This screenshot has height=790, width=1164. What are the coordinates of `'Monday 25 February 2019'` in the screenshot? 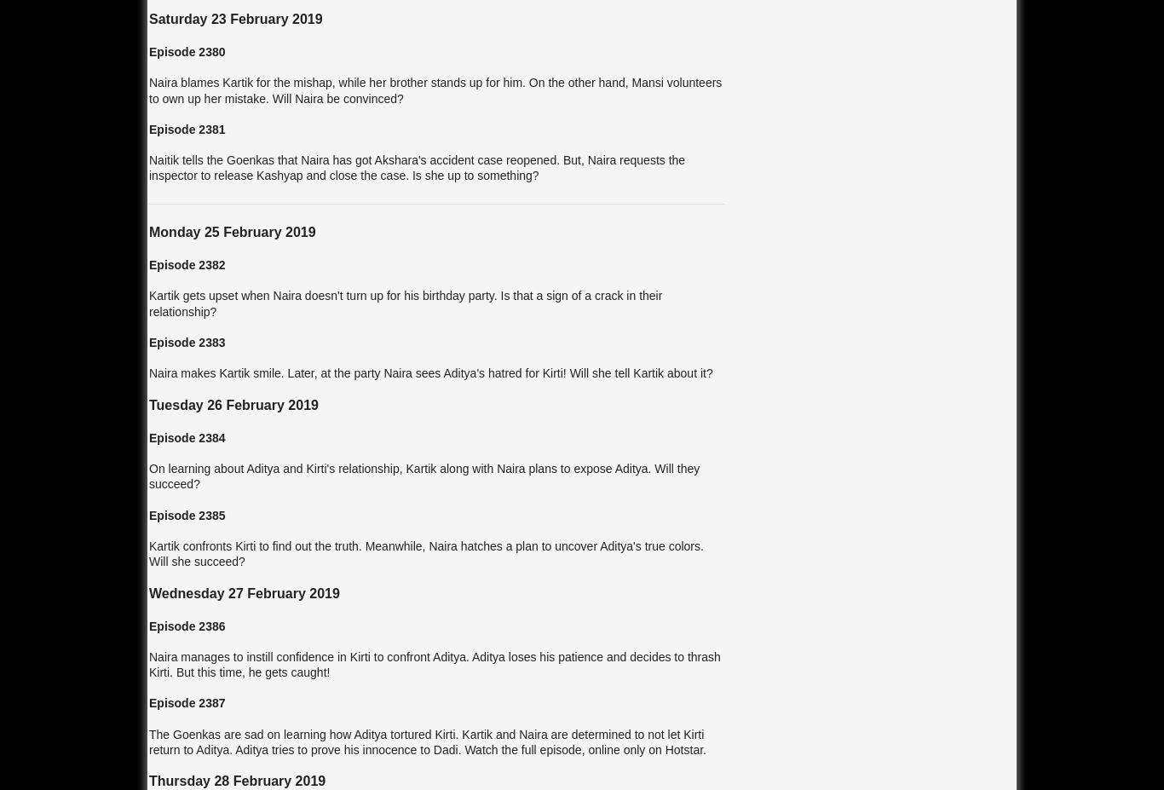 It's located at (232, 232).